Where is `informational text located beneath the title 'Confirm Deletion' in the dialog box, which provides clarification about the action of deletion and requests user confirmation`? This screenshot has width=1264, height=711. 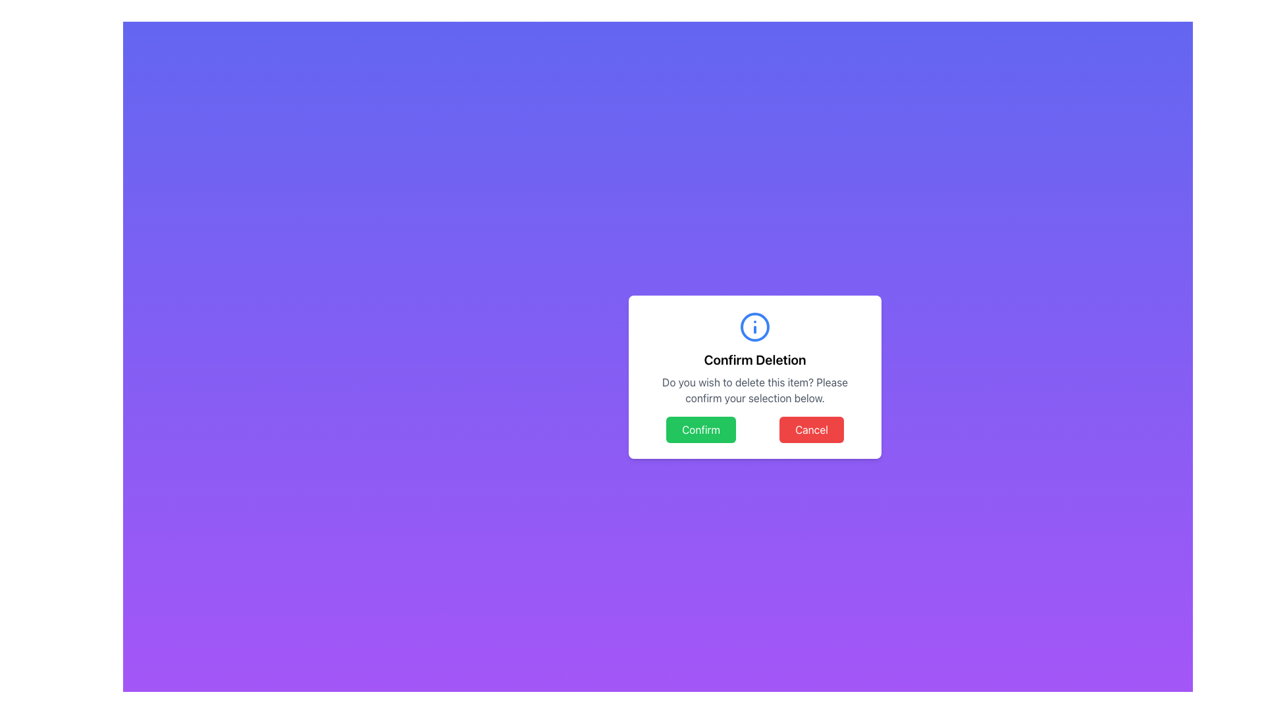 informational text located beneath the title 'Confirm Deletion' in the dialog box, which provides clarification about the action of deletion and requests user confirmation is located at coordinates (755, 390).